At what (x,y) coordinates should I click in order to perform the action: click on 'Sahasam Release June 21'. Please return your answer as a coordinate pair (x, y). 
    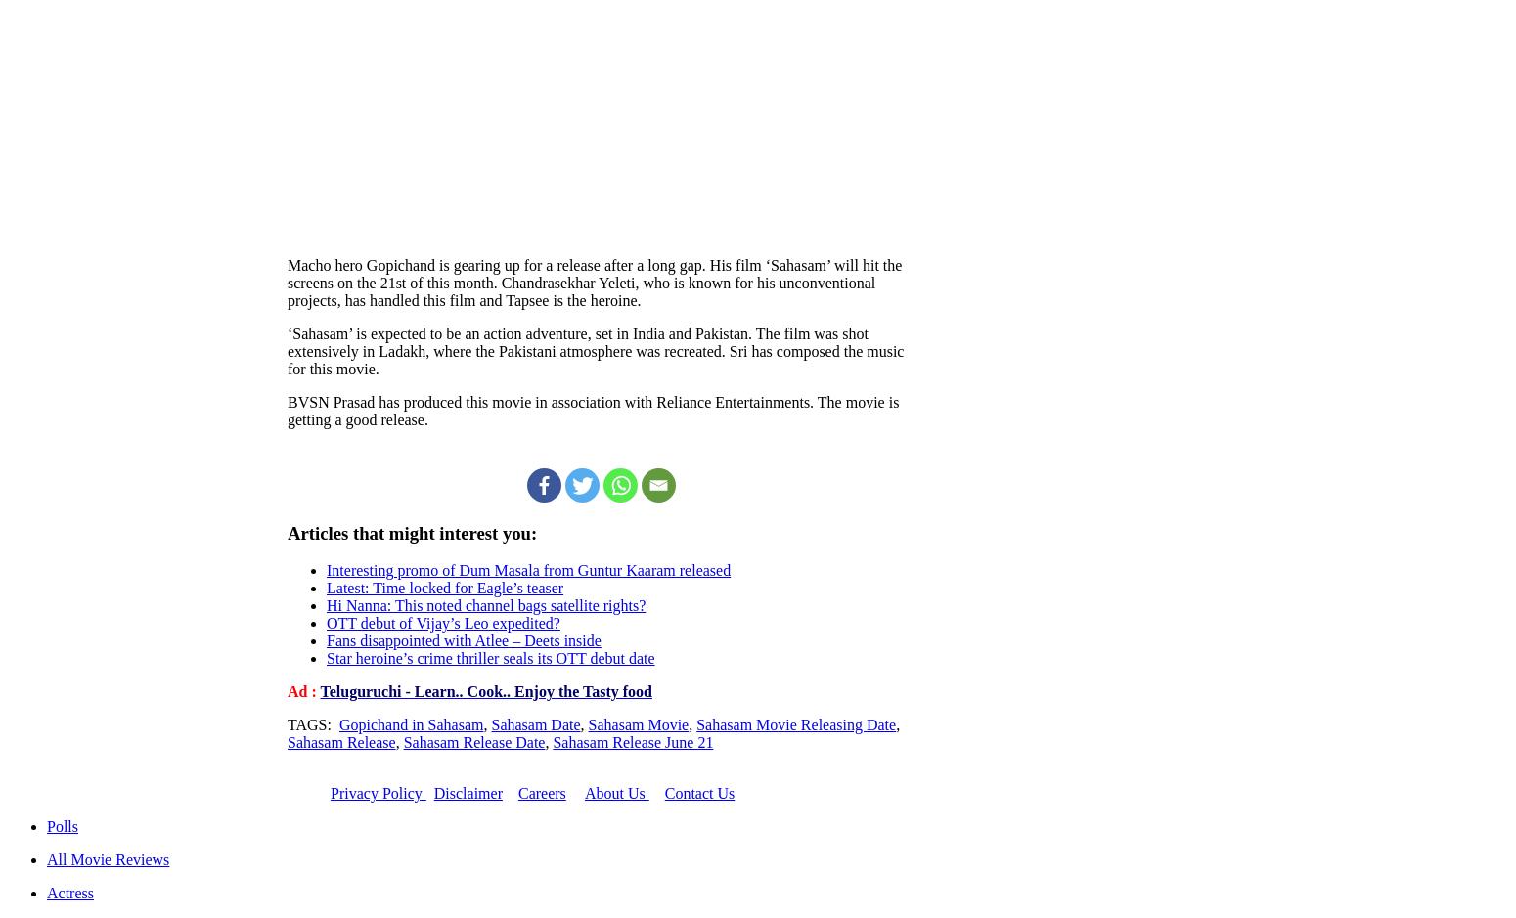
    Looking at the image, I should click on (631, 741).